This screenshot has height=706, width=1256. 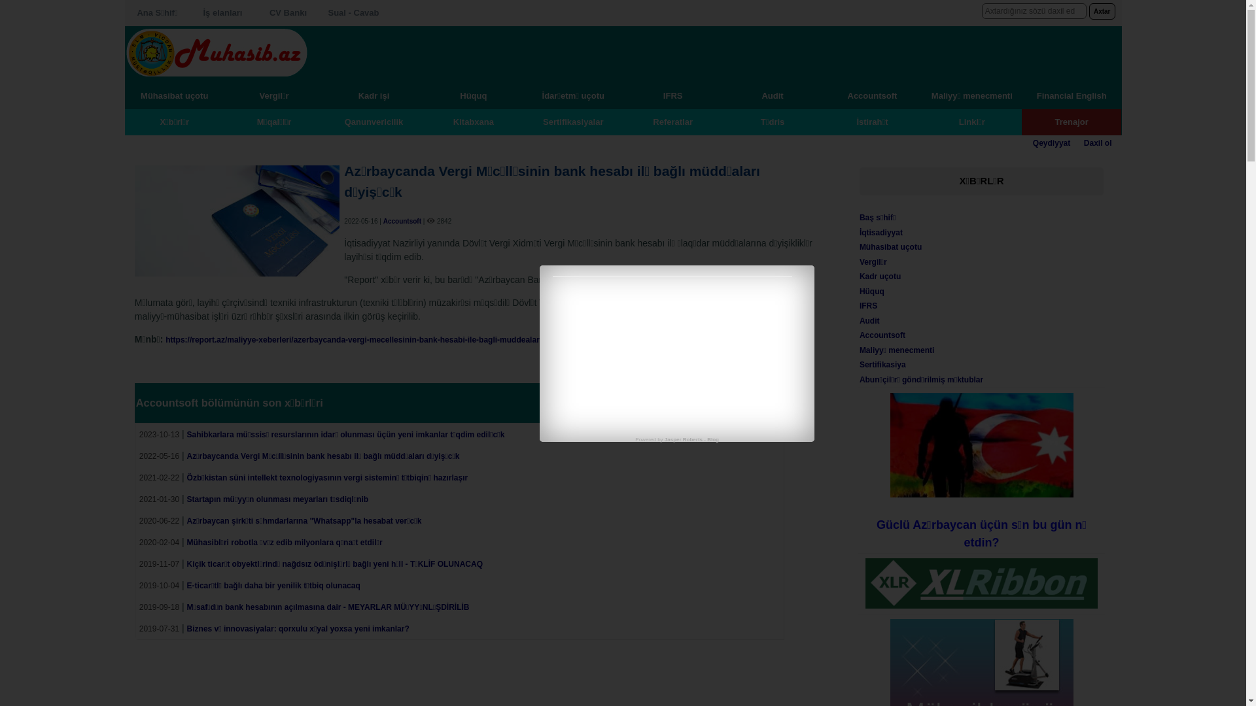 What do you see at coordinates (860, 305) in the screenshot?
I see `'IFRS'` at bounding box center [860, 305].